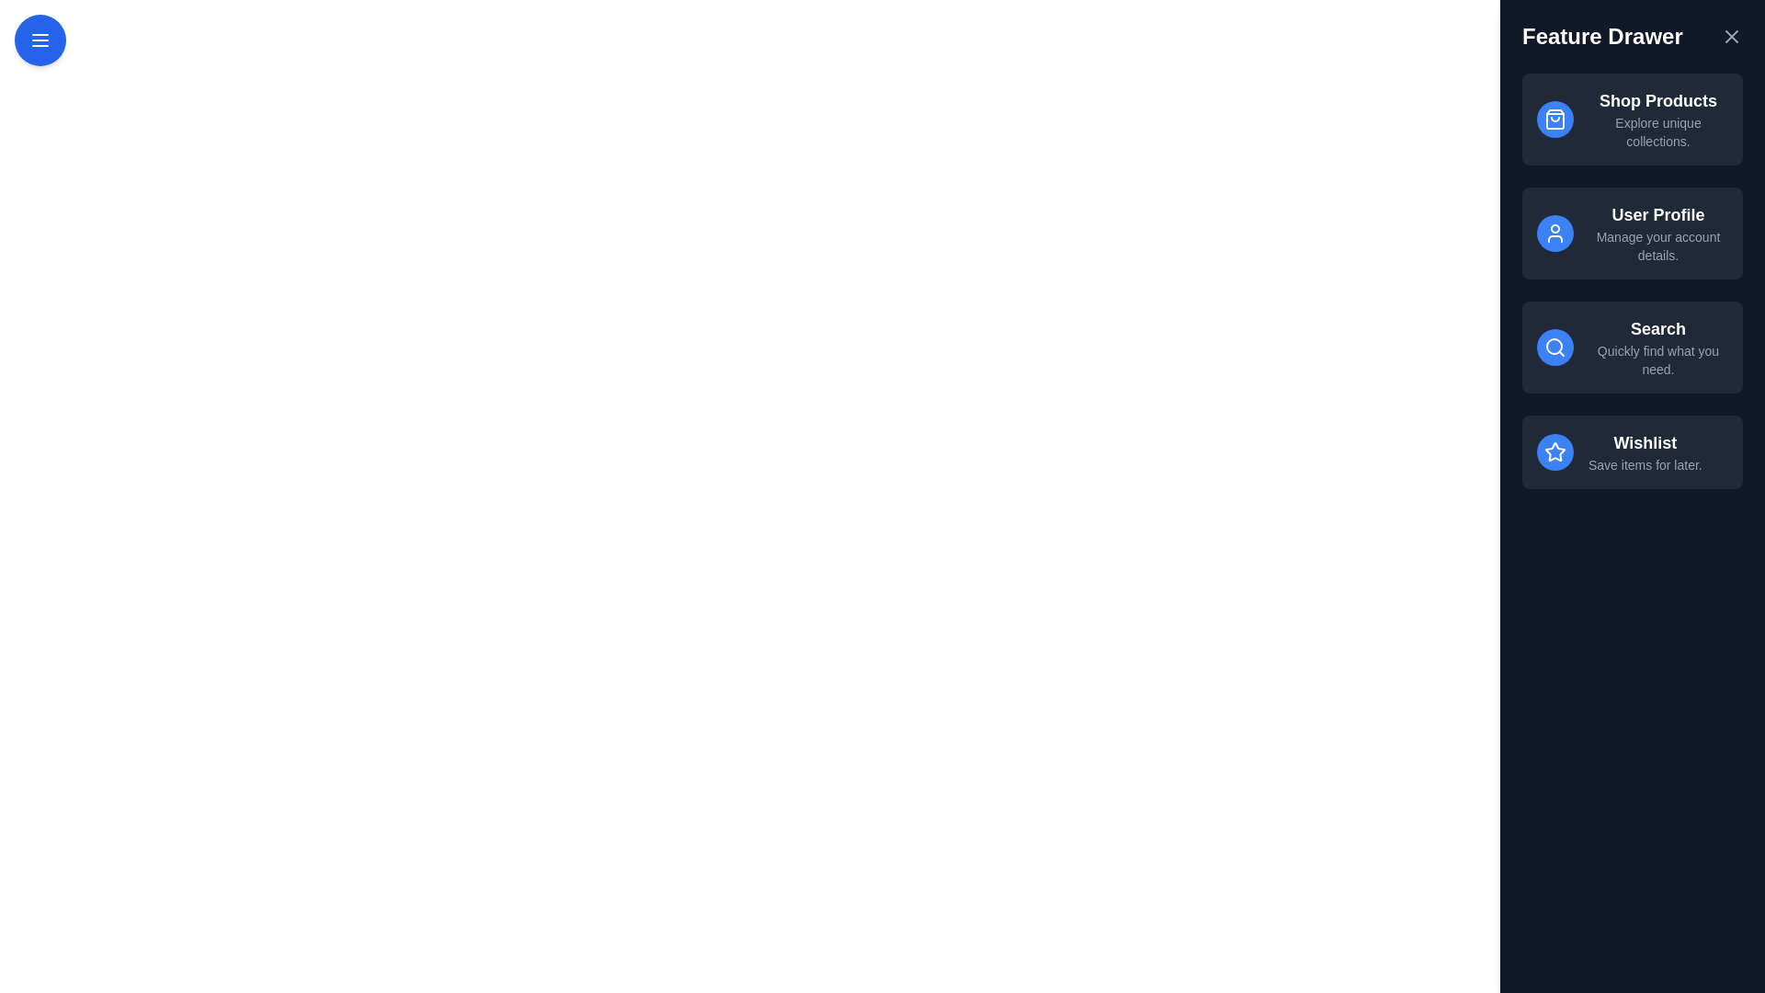  What do you see at coordinates (1633, 452) in the screenshot?
I see `the feature item corresponding to Wishlist in the drawer` at bounding box center [1633, 452].